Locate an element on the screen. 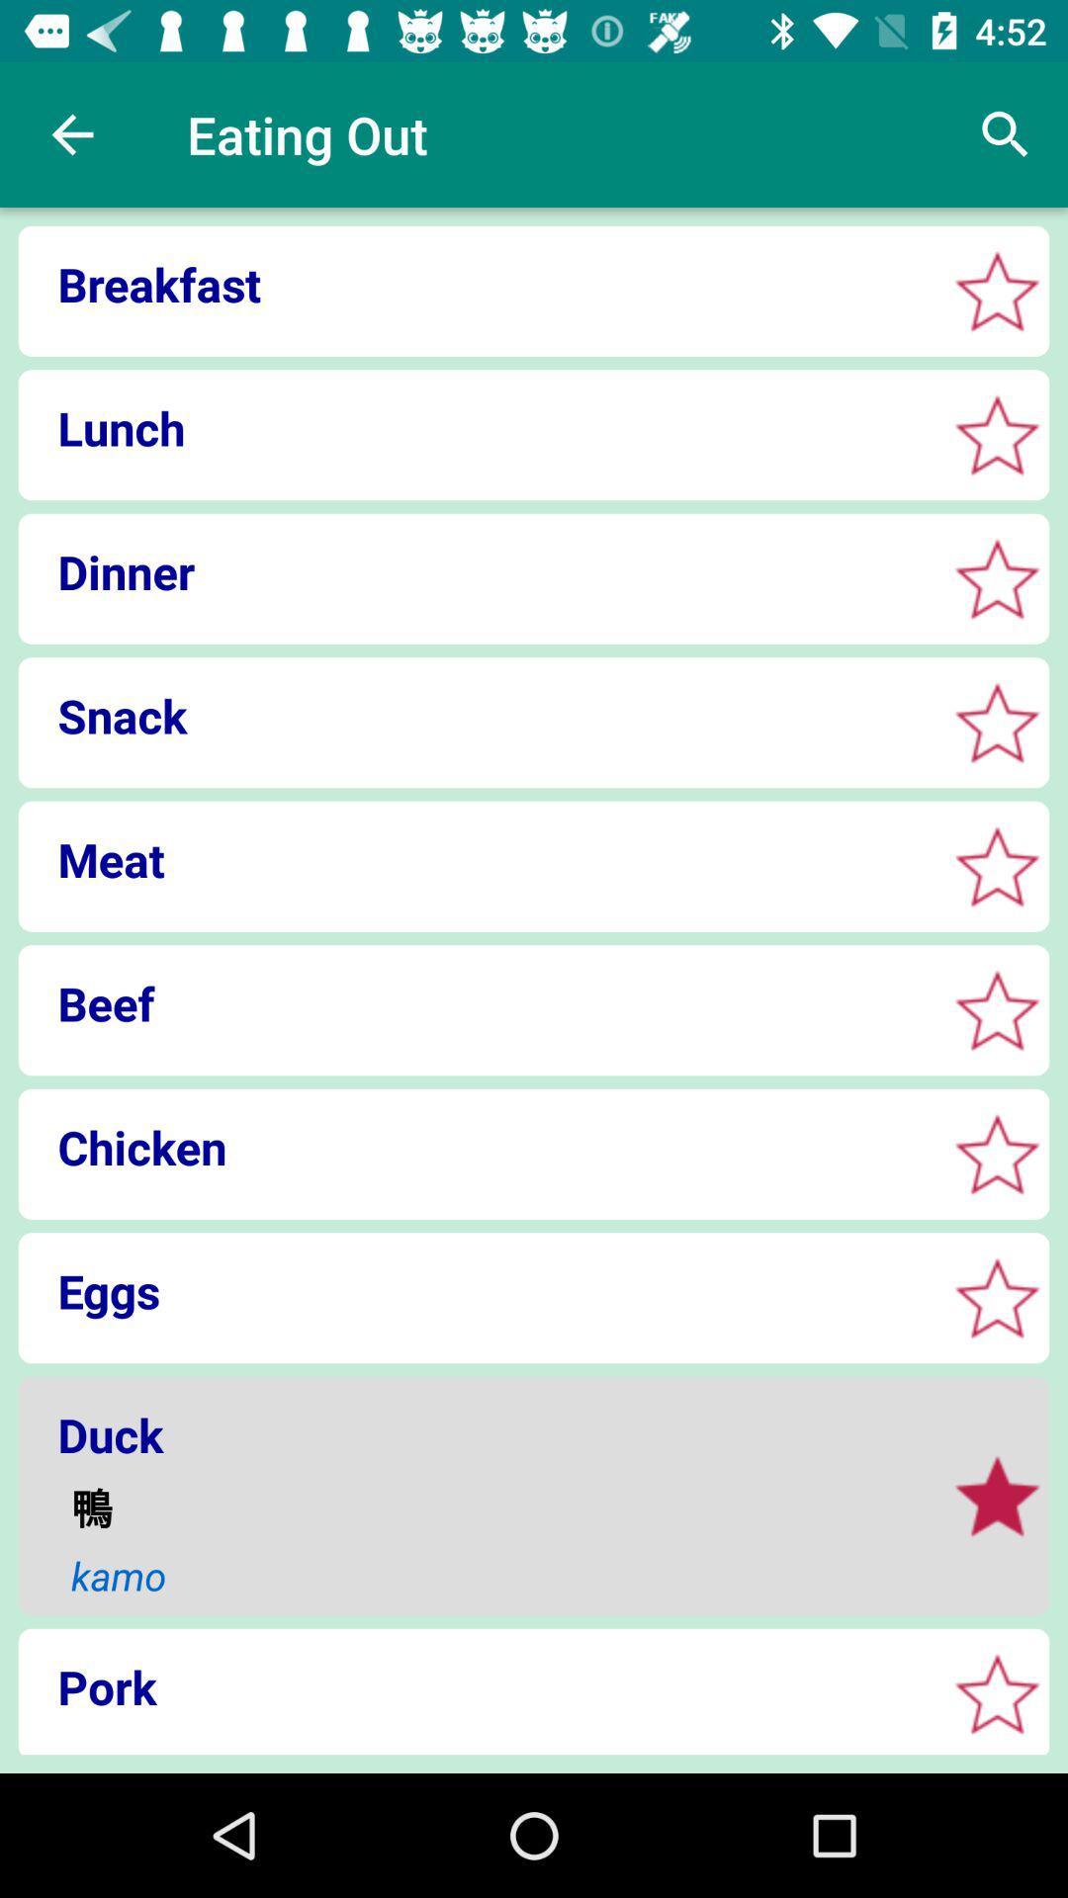  item above lunch item is located at coordinates (476, 283).